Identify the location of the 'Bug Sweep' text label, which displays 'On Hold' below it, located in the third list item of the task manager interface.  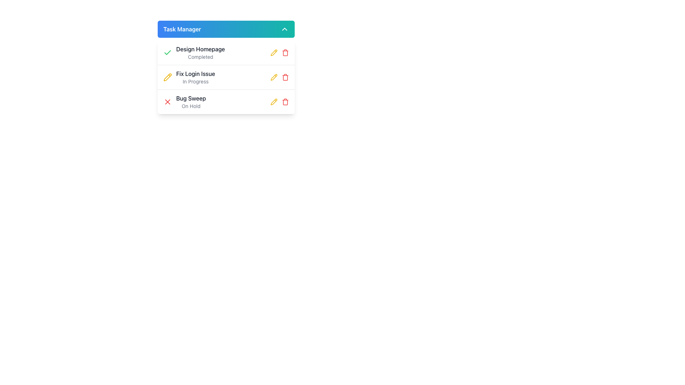
(191, 102).